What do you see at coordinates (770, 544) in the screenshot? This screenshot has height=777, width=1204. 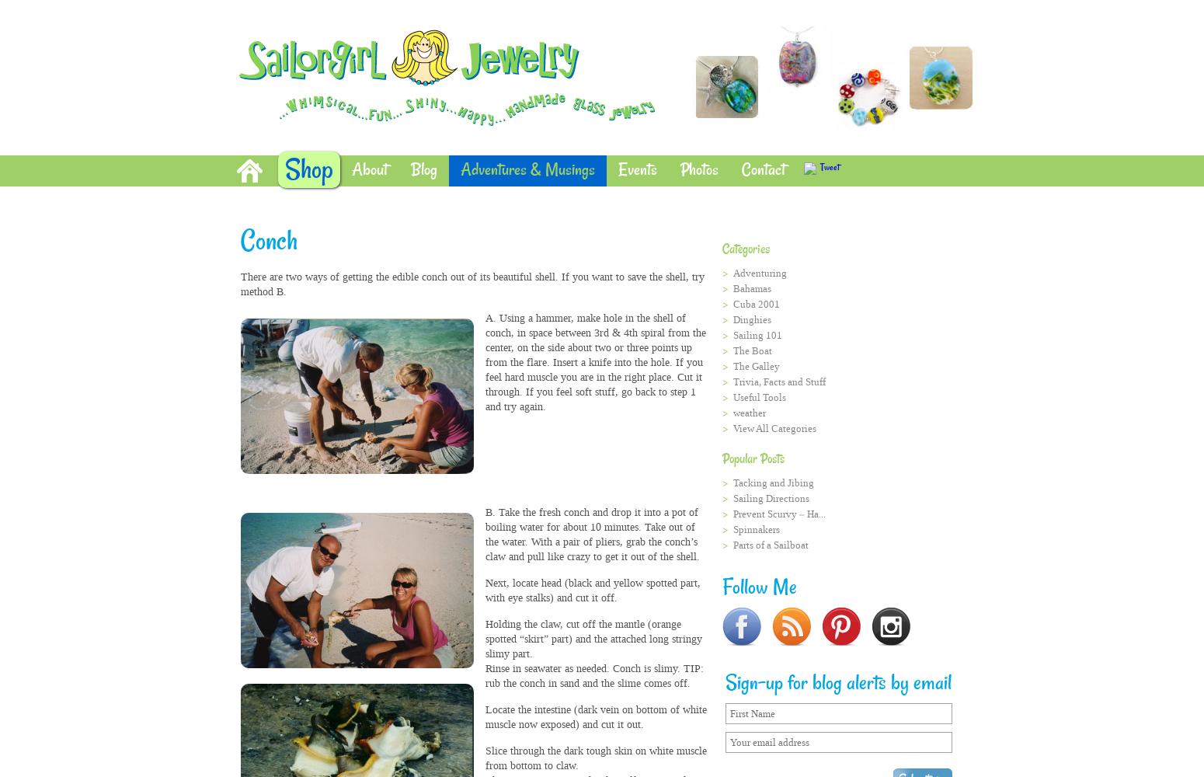 I see `'Parts of a Sailboat'` at bounding box center [770, 544].